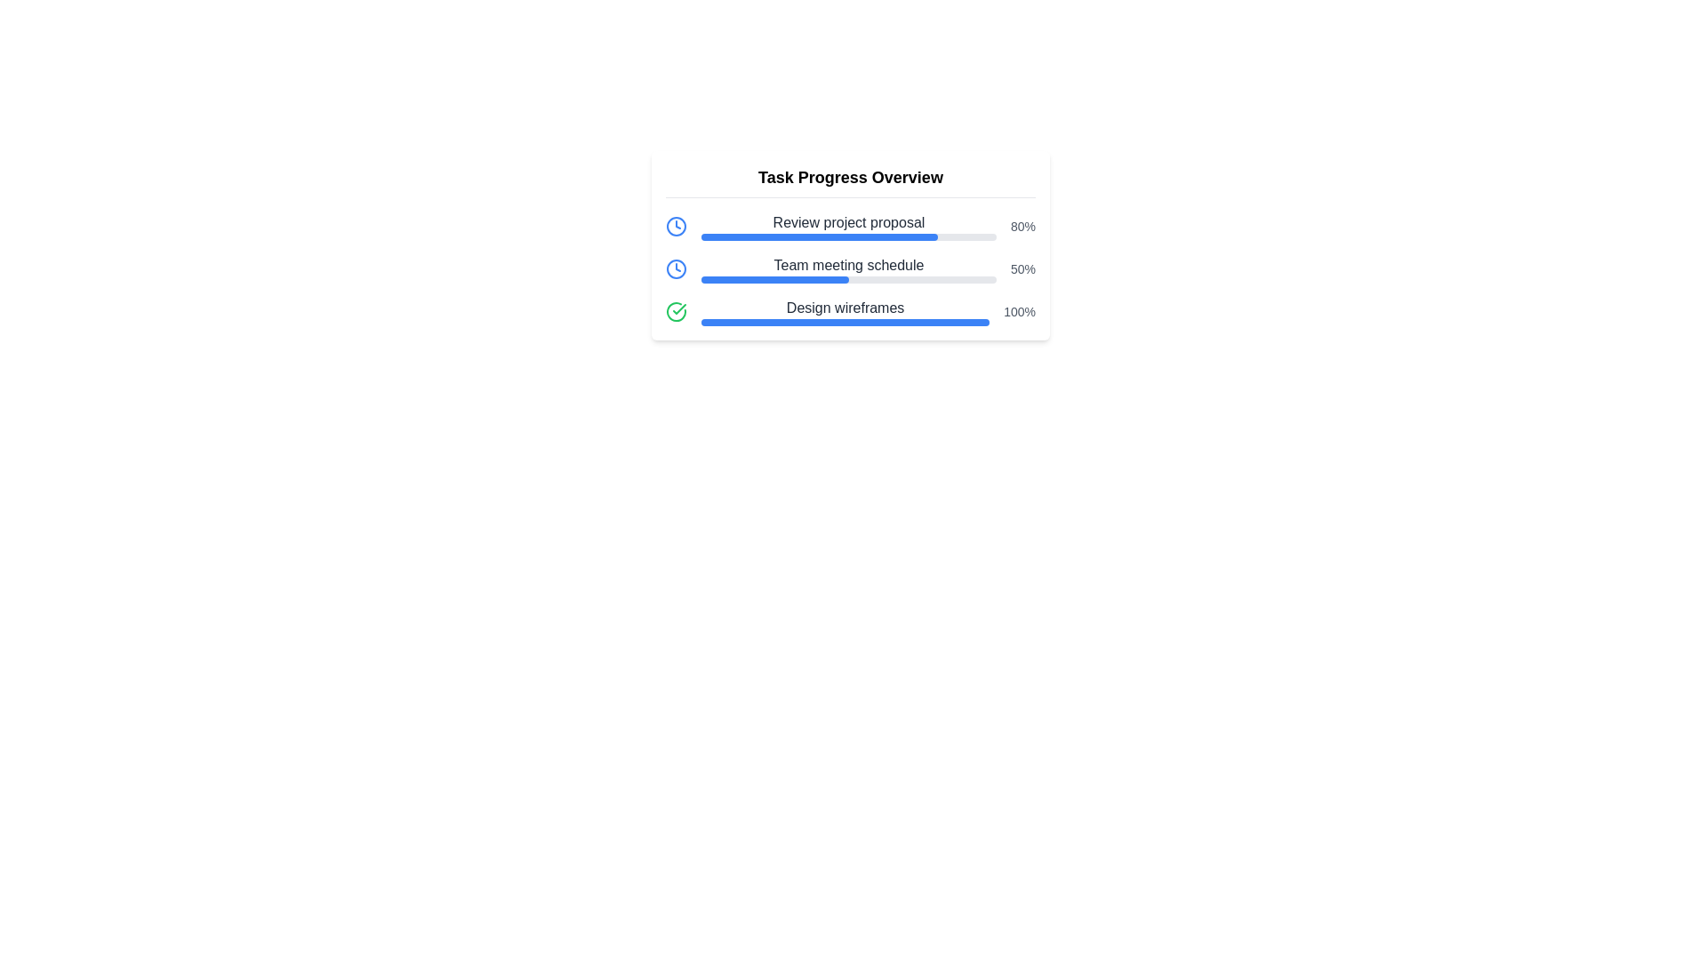 The height and width of the screenshot is (960, 1707). Describe the element at coordinates (818, 236) in the screenshot. I see `the blue progress bar that is styled with a gradient or solid blue color filling 80% of its width, located in the 'Task Progress Overview' section beneath the text 'Review project proposal'` at that location.